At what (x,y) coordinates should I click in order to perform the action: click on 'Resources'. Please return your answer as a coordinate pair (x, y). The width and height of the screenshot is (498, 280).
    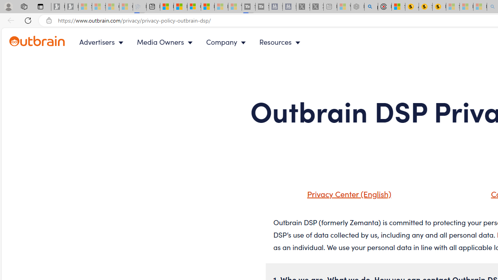
    Looking at the image, I should click on (281, 42).